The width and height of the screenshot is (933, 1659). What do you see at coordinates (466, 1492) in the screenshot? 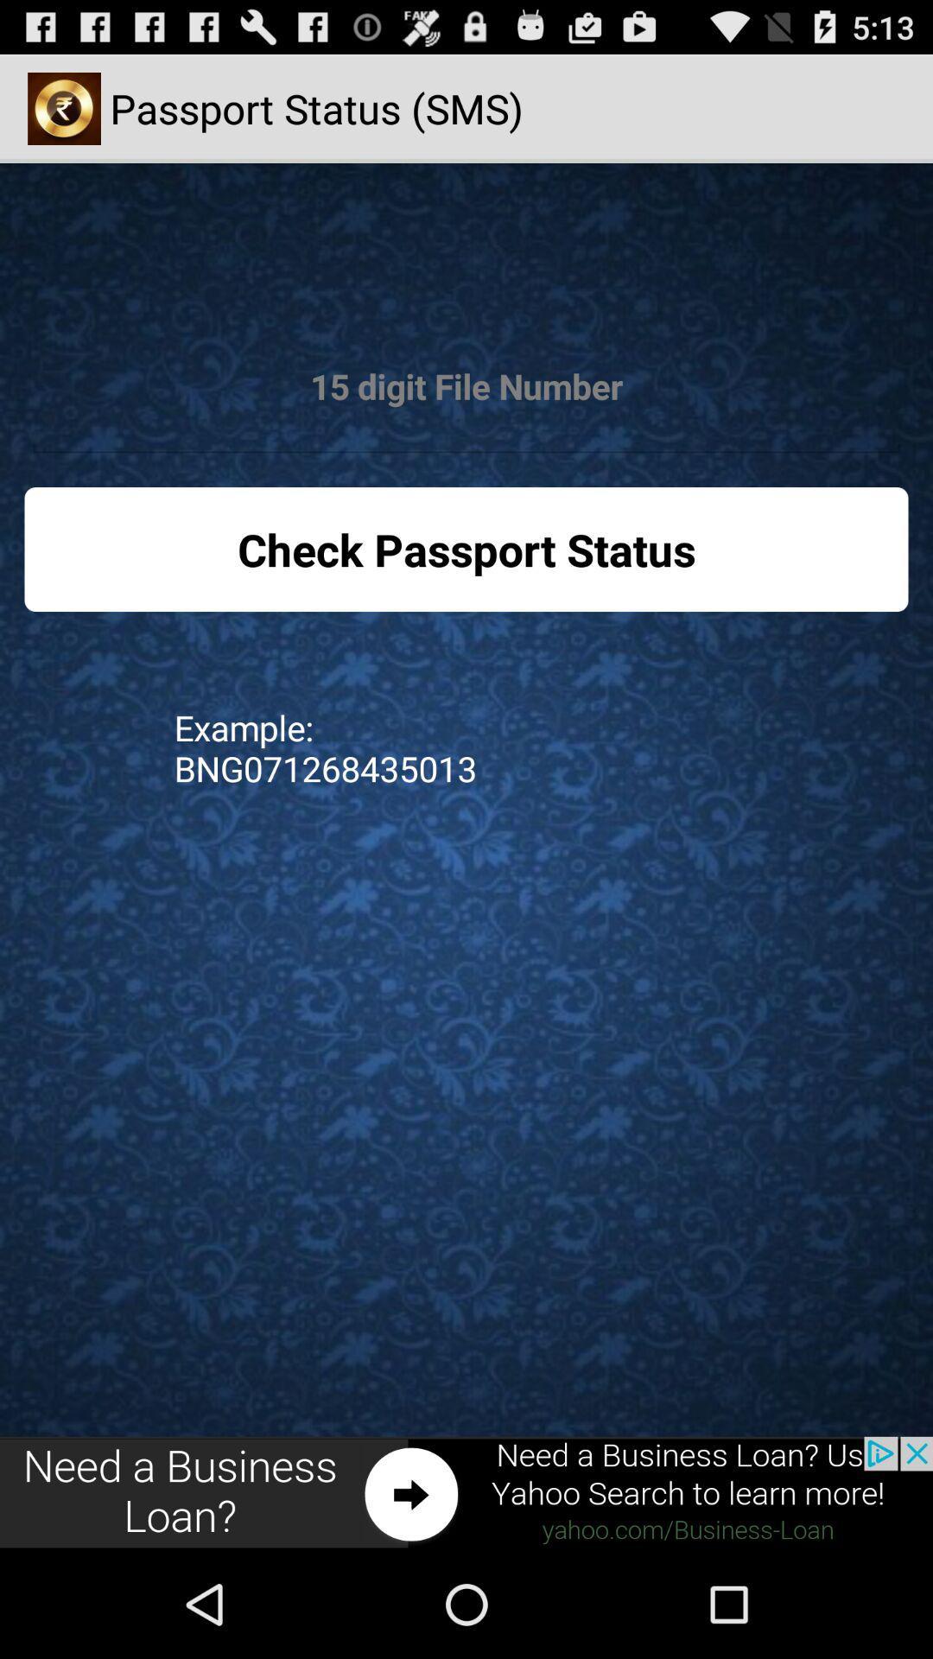
I see `business loan add` at bounding box center [466, 1492].